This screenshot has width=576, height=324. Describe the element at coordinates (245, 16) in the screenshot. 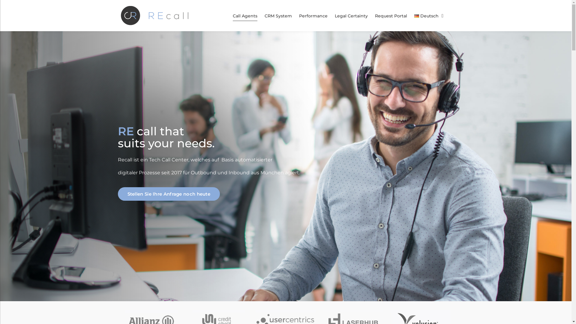

I see `'Call Agents'` at that location.